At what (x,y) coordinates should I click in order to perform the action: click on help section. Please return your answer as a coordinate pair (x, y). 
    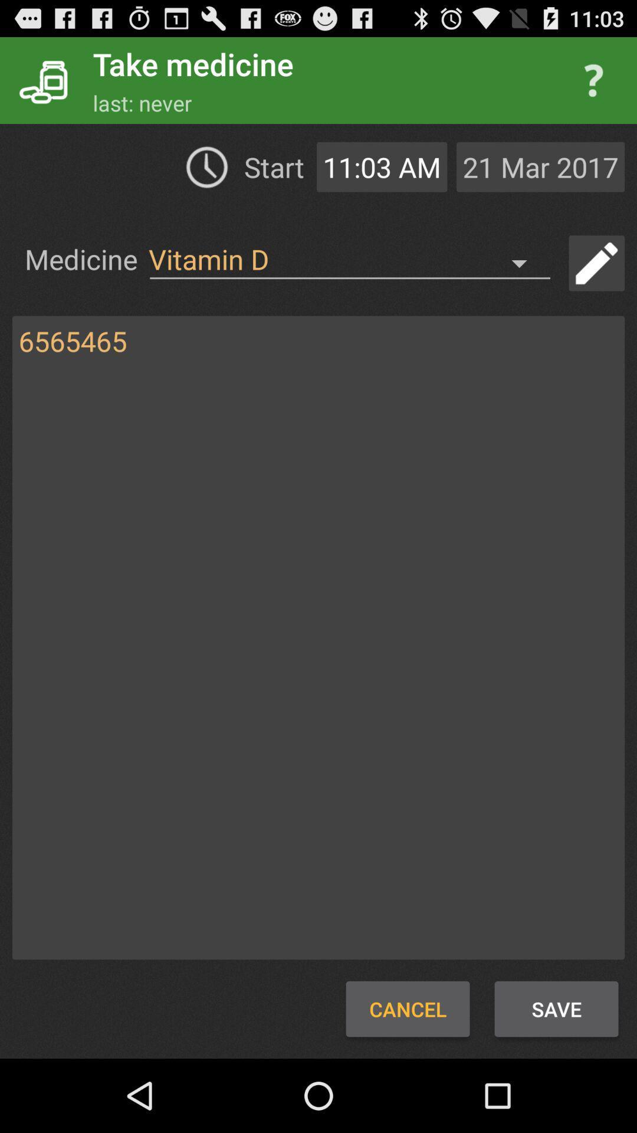
    Looking at the image, I should click on (593, 80).